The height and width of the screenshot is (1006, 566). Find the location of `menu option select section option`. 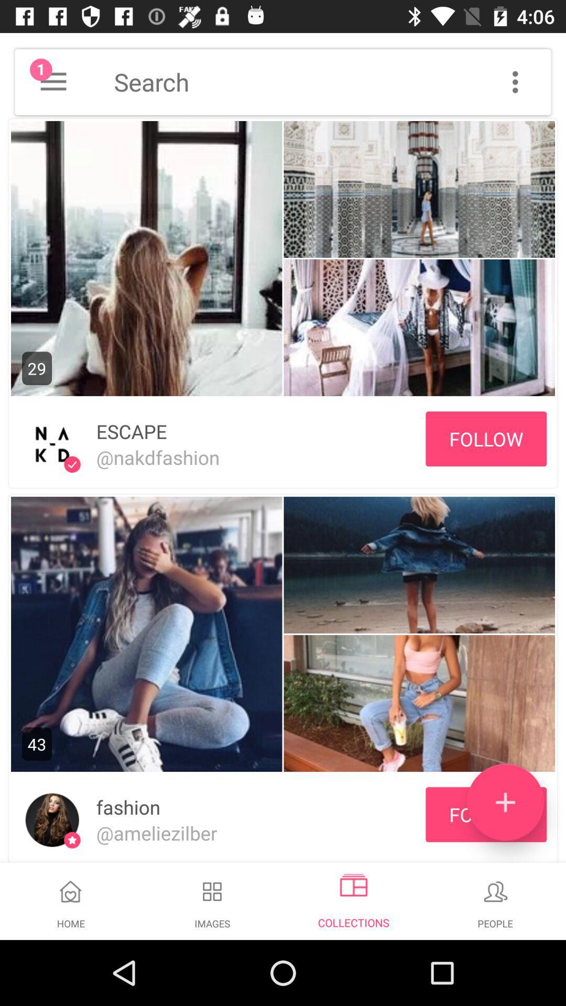

menu option select section option is located at coordinates (283, 907).